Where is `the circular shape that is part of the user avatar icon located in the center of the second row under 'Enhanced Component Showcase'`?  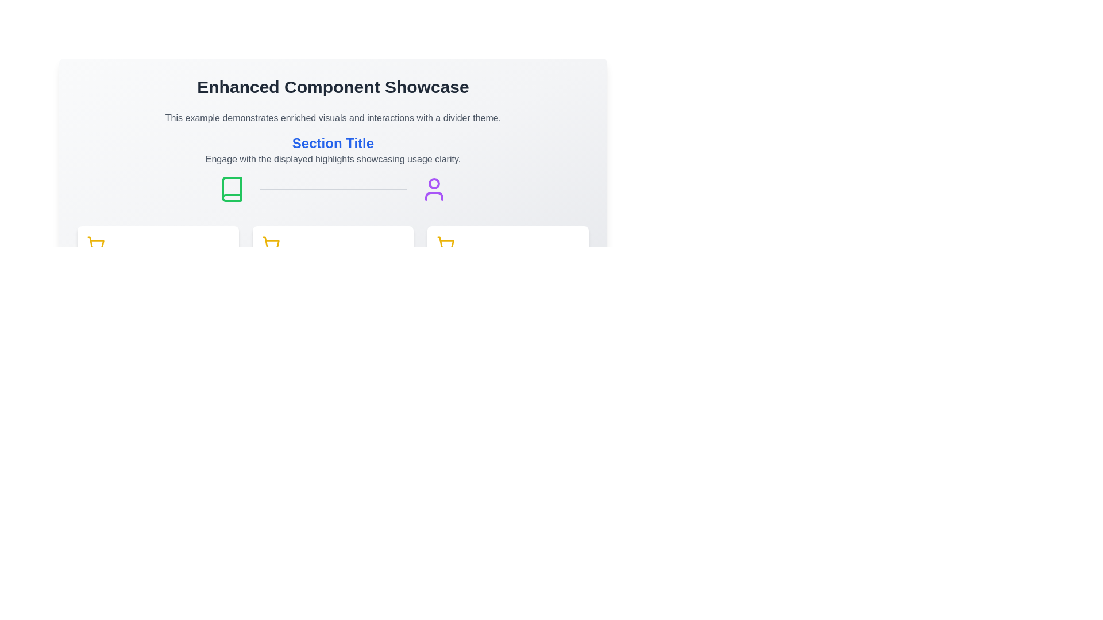
the circular shape that is part of the user avatar icon located in the center of the second row under 'Enhanced Component Showcase' is located at coordinates (433, 183).